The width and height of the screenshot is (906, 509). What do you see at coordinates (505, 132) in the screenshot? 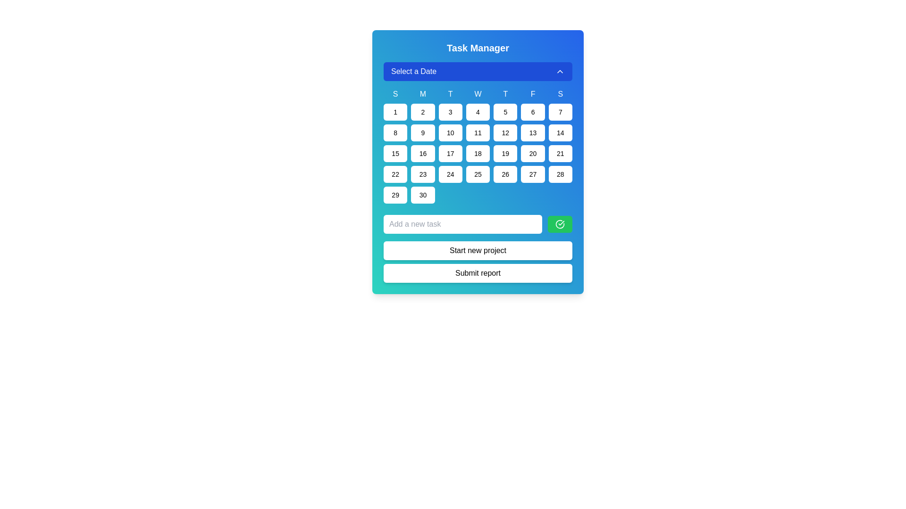
I see `the small square button with rounded edges displaying the number '12' in black text, located in the calendar grid below the 'Thursday' header` at bounding box center [505, 132].